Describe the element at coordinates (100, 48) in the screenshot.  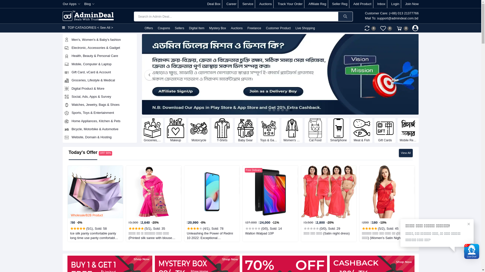
I see `'Electronic, Accessories & Gadget'` at that location.